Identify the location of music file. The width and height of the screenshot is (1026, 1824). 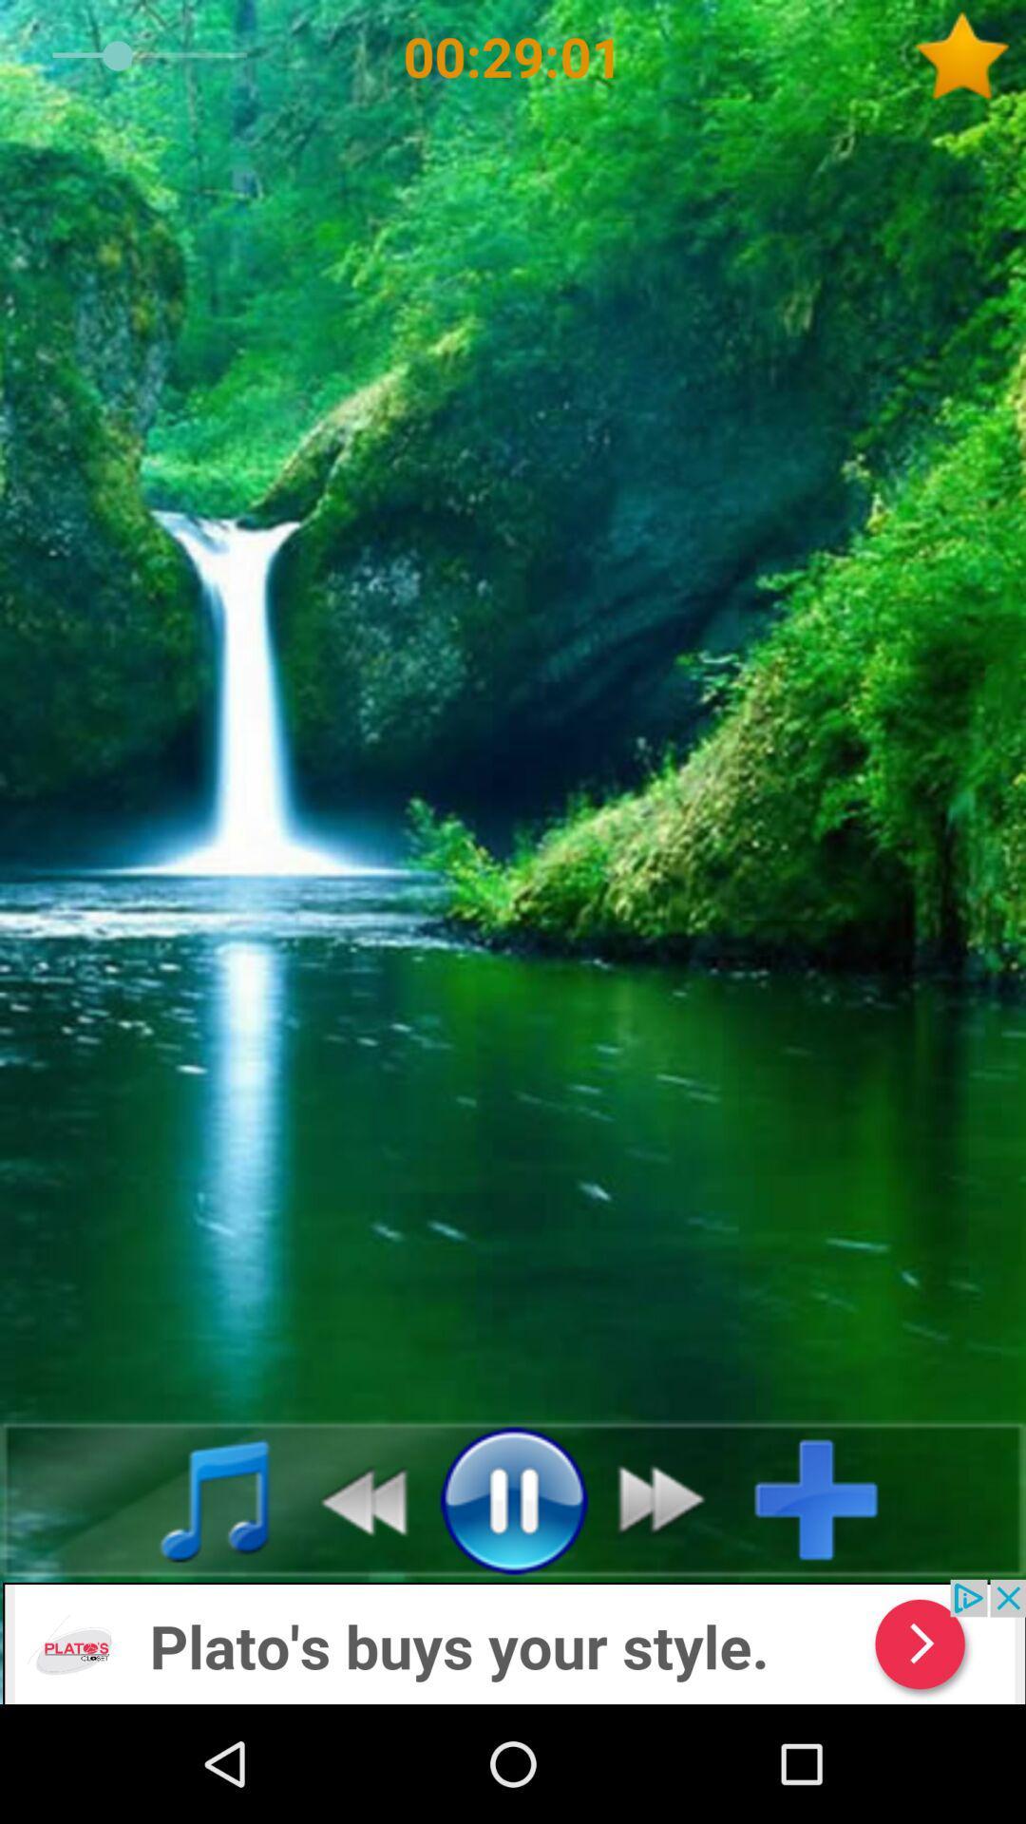
(194, 1498).